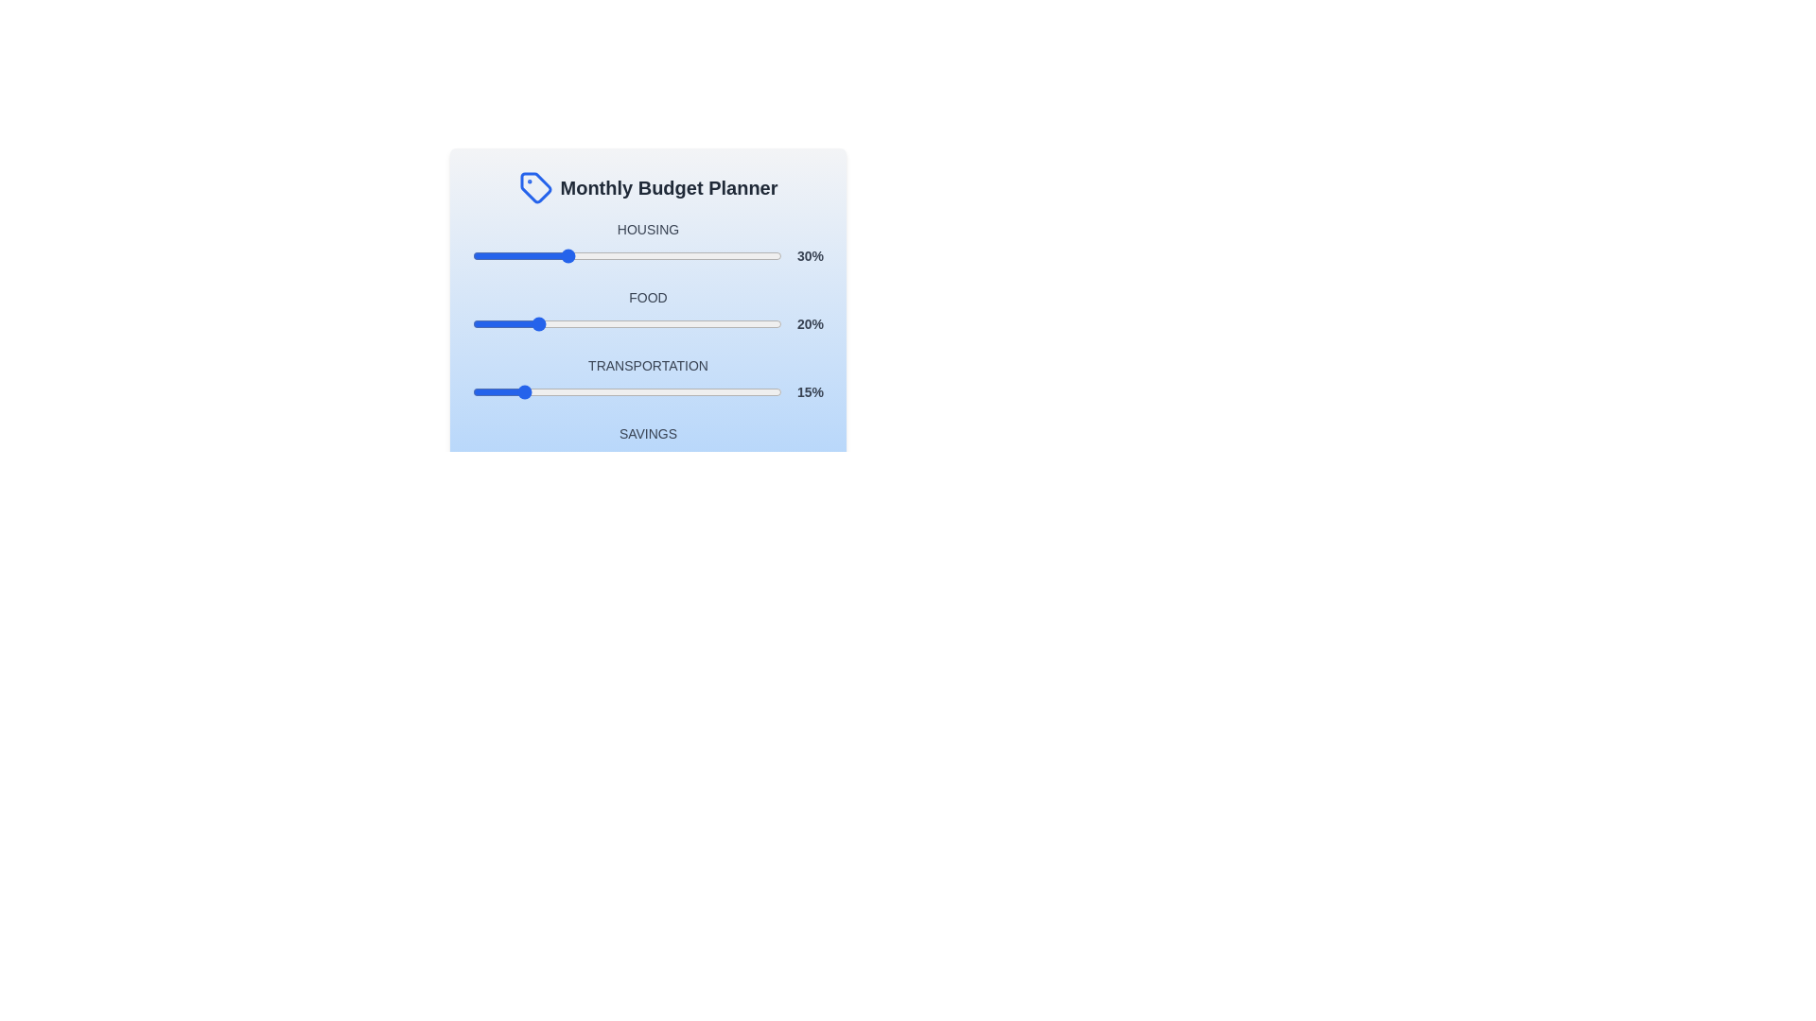 The height and width of the screenshot is (1021, 1816). Describe the element at coordinates (648, 188) in the screenshot. I see `the header of the component` at that location.